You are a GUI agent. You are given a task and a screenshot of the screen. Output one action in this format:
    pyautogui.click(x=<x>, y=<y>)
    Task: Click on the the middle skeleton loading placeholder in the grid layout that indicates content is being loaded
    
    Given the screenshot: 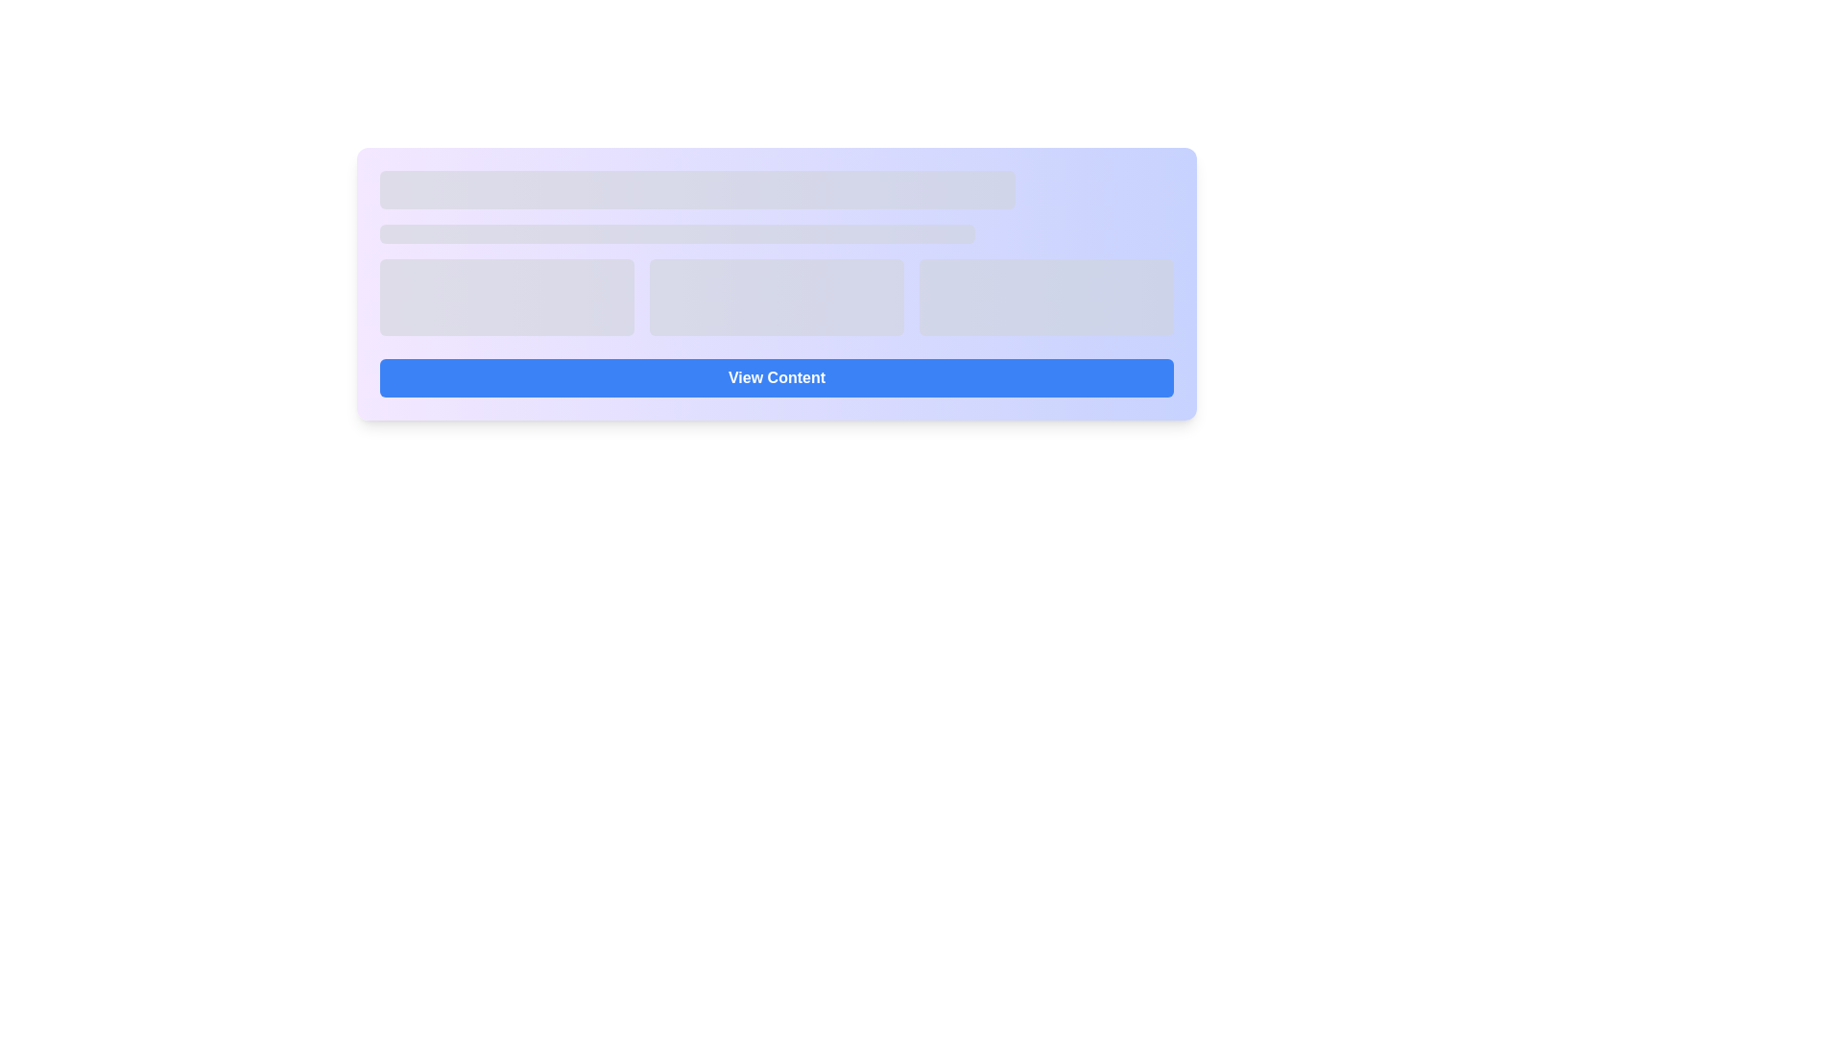 What is the action you would take?
    pyautogui.click(x=777, y=297)
    